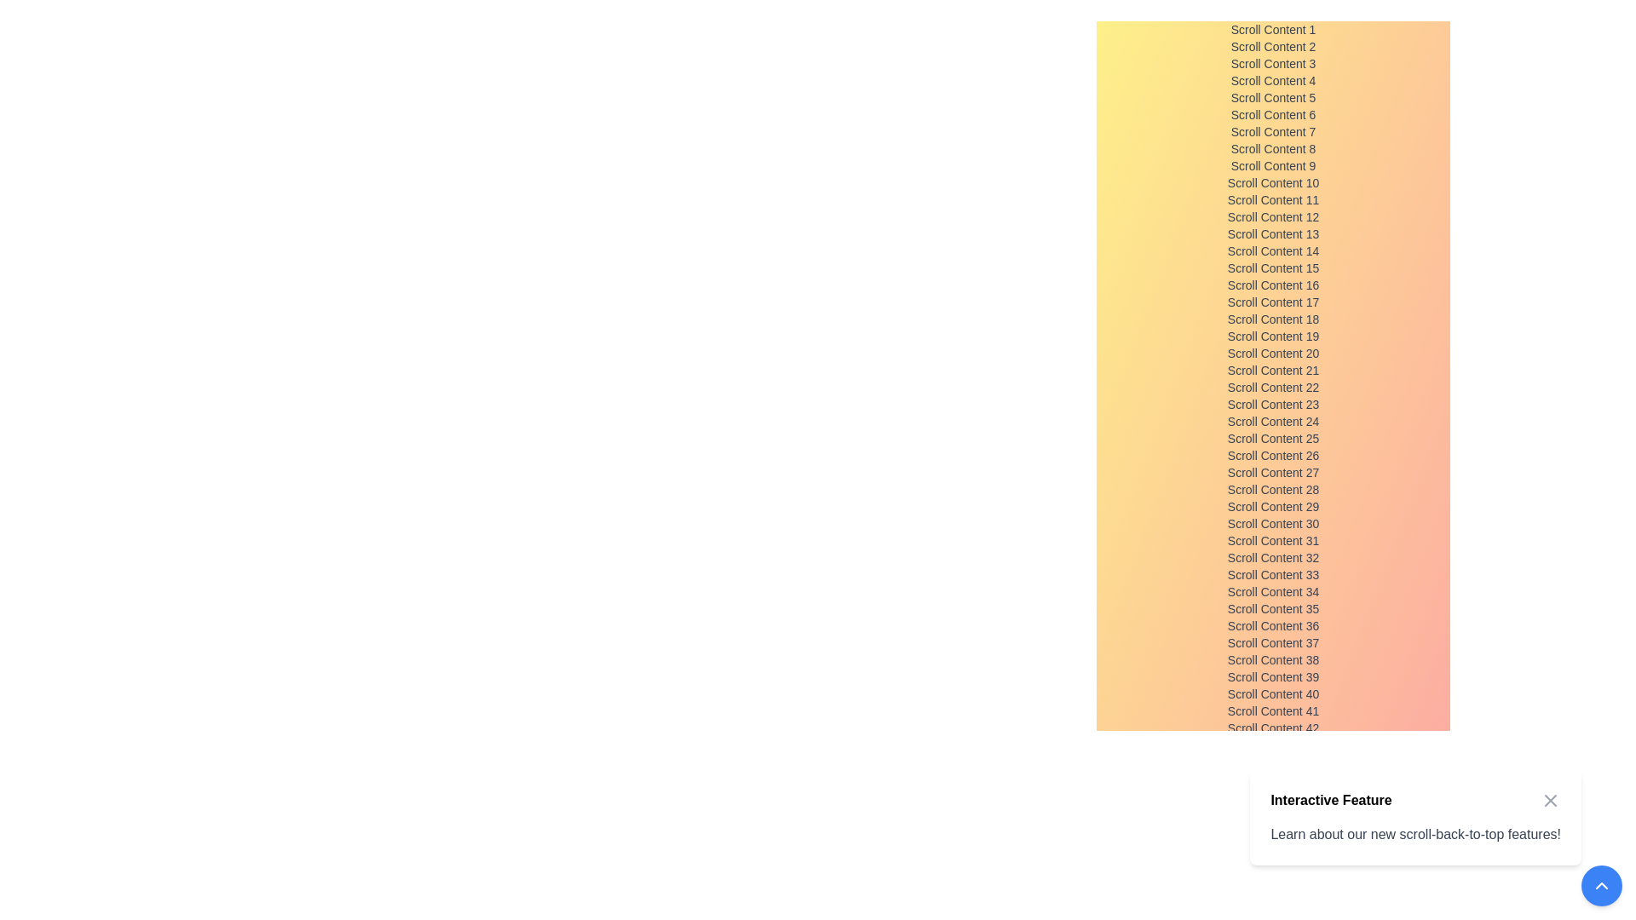  Describe the element at coordinates (1273, 643) in the screenshot. I see `the static text label displaying 'Scroll Content 37' located as the 37th item in a vertically scrollable list` at that location.